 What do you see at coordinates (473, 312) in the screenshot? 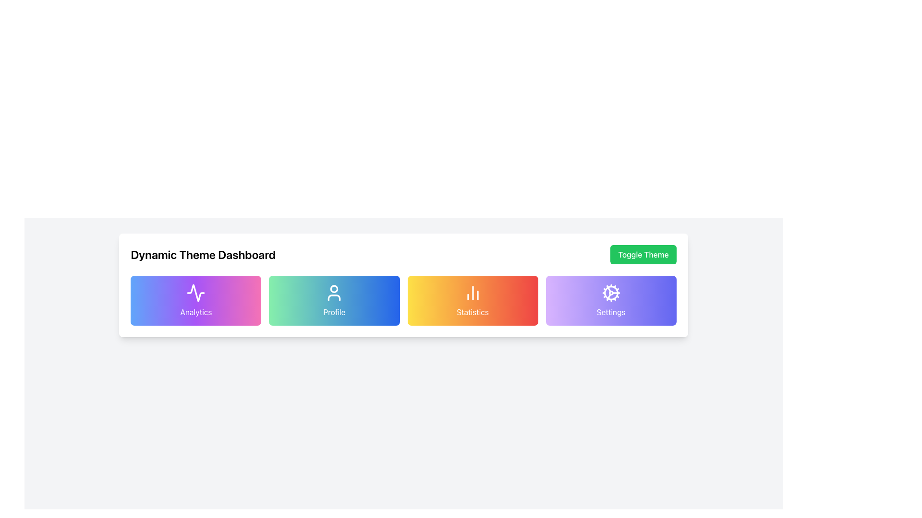
I see `text label located at the bottom center of the card that provides information related to 'Statistics.'` at bounding box center [473, 312].